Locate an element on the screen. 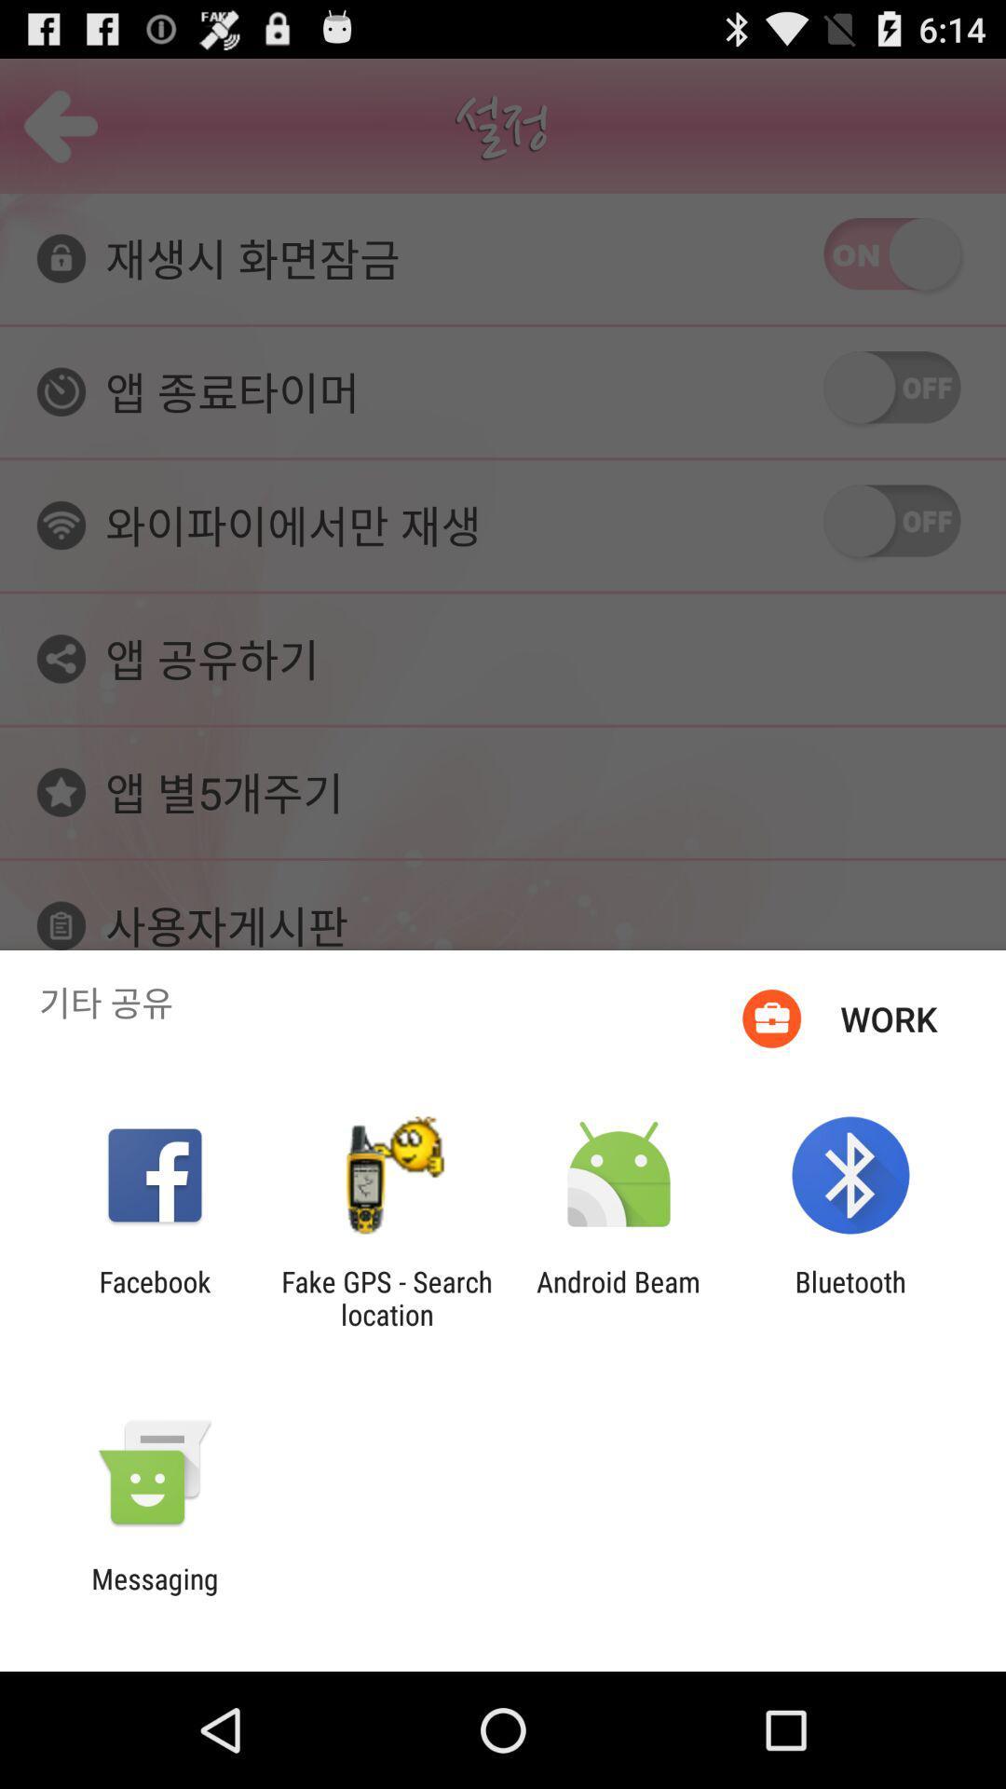 This screenshot has height=1789, width=1006. messaging is located at coordinates (154, 1594).